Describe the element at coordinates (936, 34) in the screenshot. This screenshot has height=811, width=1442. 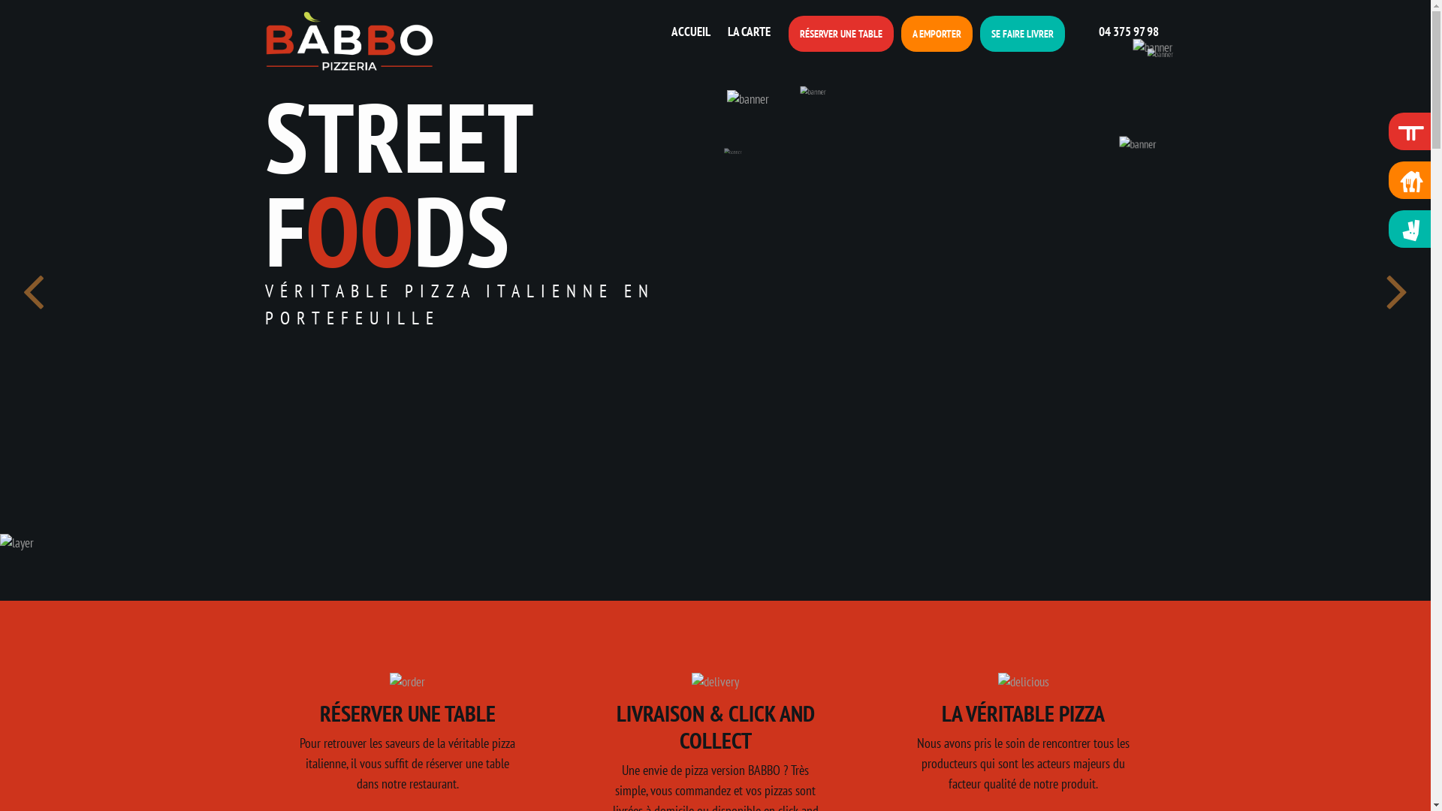
I see `'A EMPORTER'` at that location.